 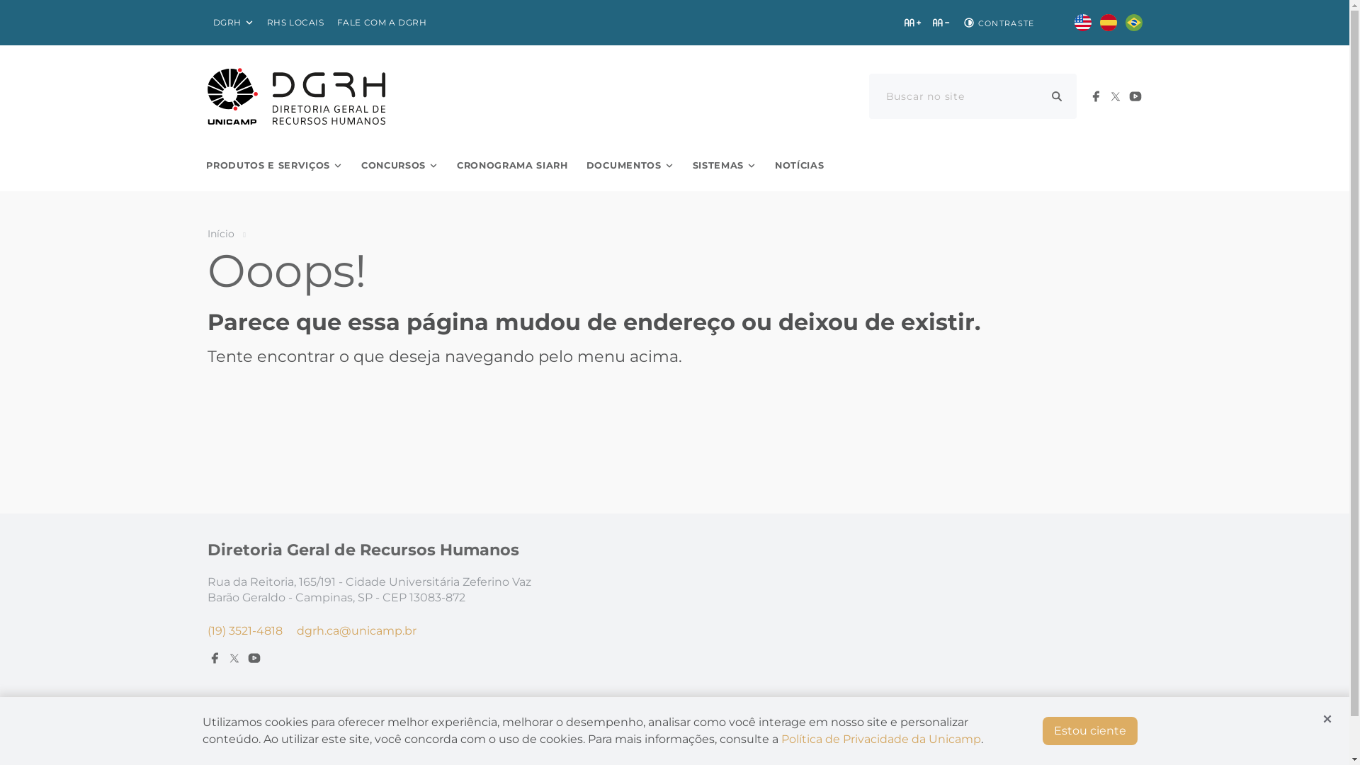 What do you see at coordinates (244, 630) in the screenshot?
I see `'(19) 3521-4818'` at bounding box center [244, 630].